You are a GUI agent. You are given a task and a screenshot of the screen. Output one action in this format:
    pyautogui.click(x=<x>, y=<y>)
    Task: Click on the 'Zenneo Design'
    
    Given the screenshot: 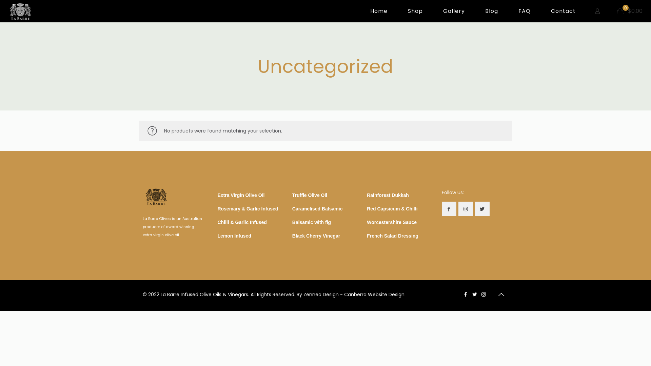 What is the action you would take?
    pyautogui.click(x=320, y=294)
    